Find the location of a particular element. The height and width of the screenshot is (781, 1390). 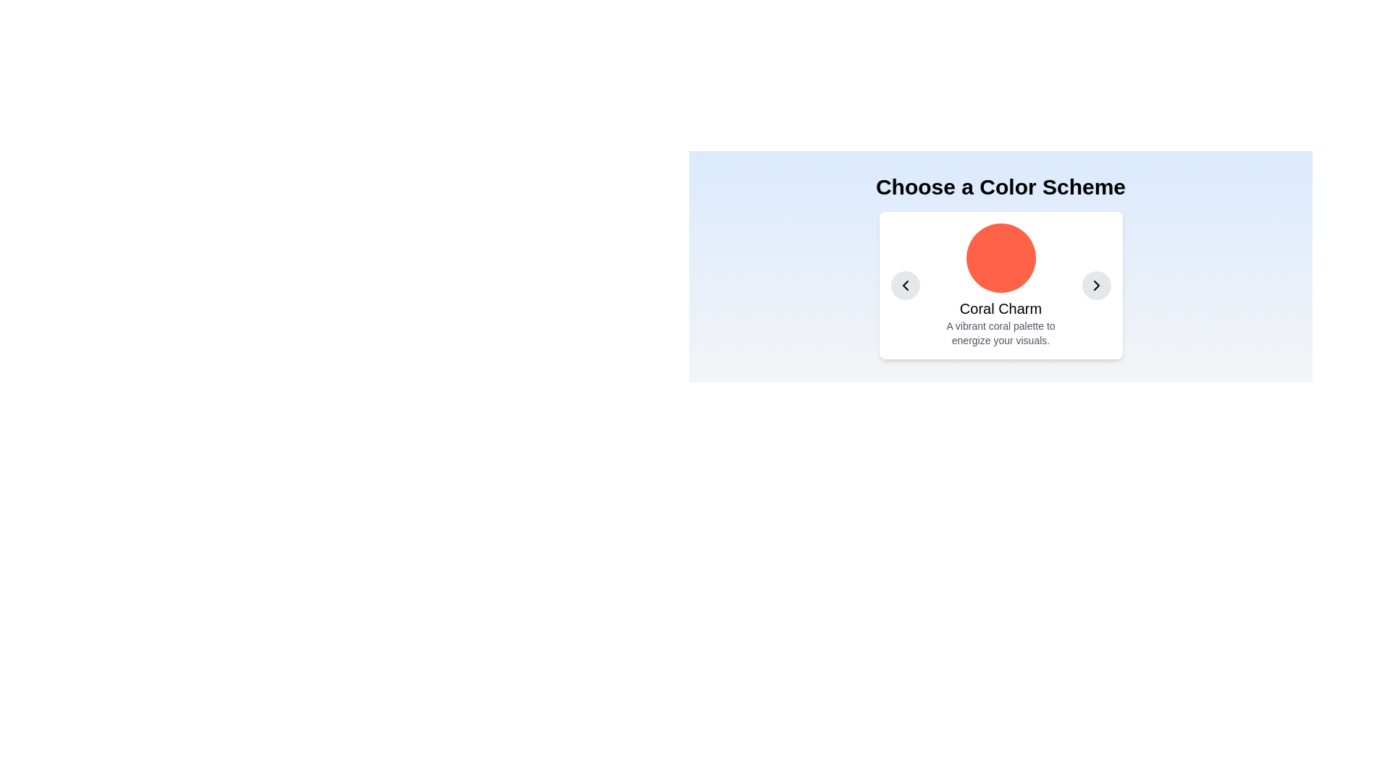

displayed information from the selection panel for the 'Coral Charm' color theme, which includes text and a coral-colored icon is located at coordinates (1000, 286).